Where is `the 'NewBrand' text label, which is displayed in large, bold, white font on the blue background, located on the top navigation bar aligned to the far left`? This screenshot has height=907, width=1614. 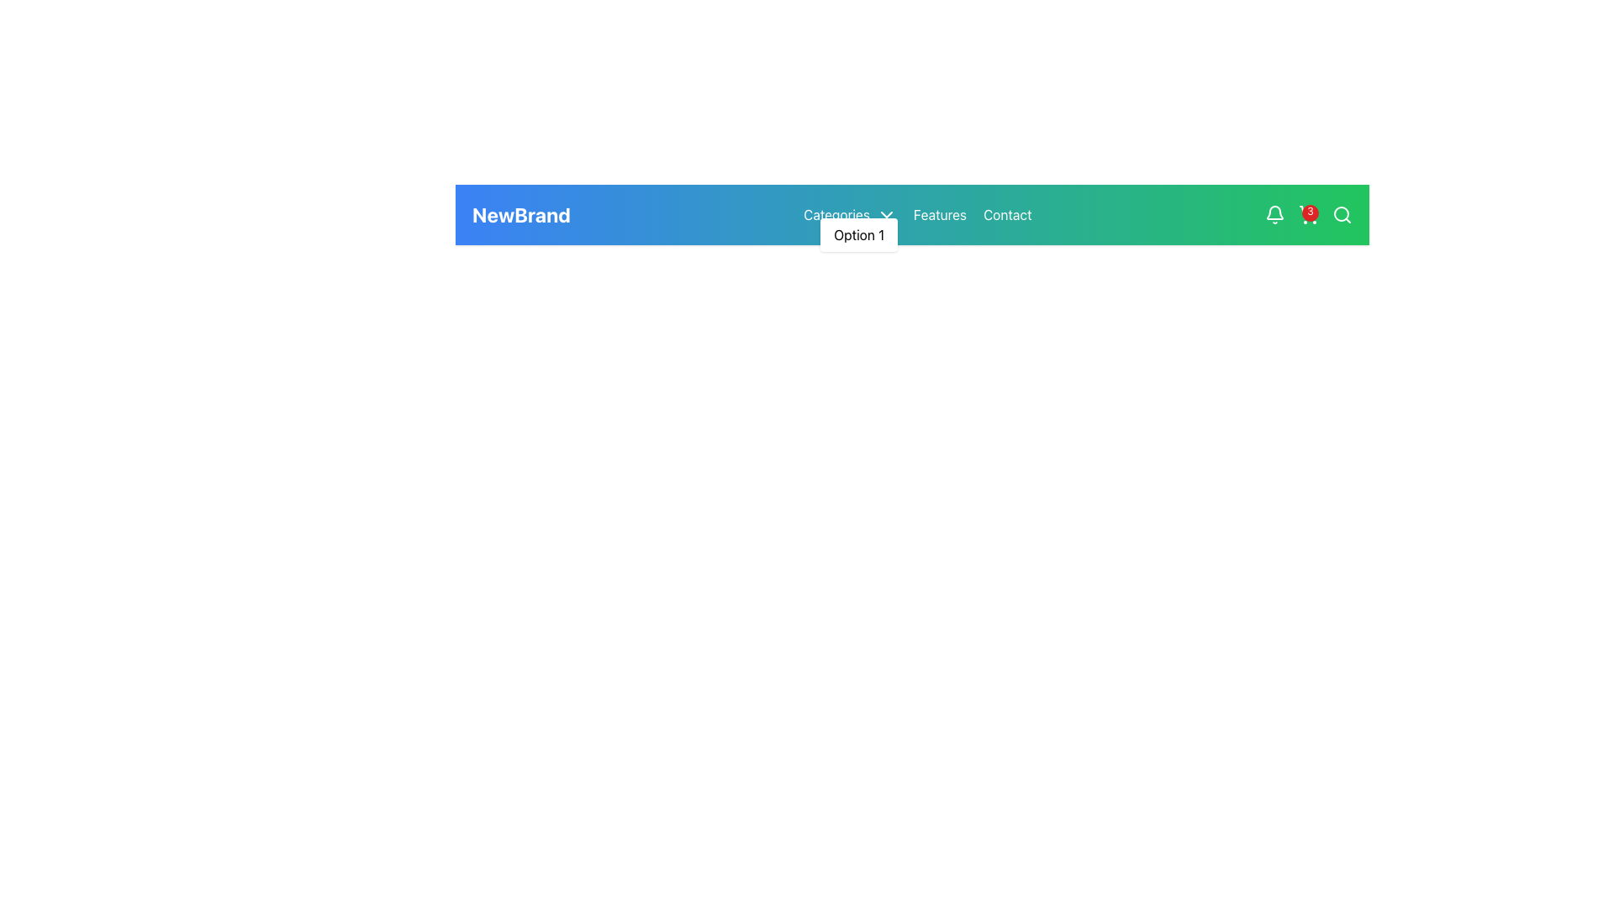
the 'NewBrand' text label, which is displayed in large, bold, white font on the blue background, located on the top navigation bar aligned to the far left is located at coordinates (520, 213).